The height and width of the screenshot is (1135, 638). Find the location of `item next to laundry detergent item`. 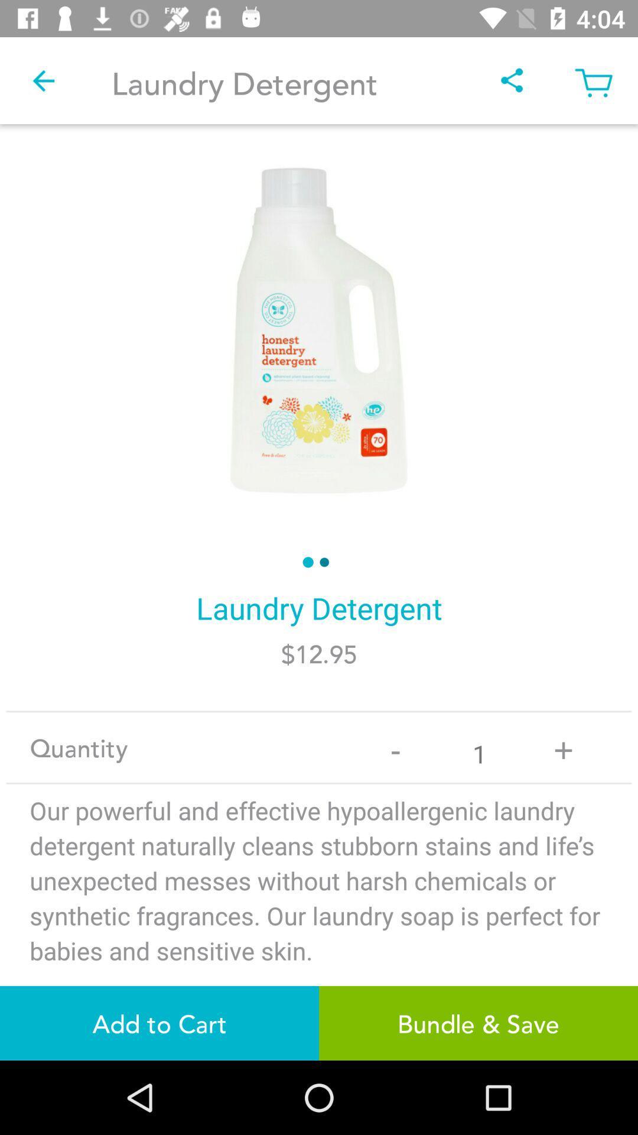

item next to laundry detergent item is located at coordinates (512, 80).